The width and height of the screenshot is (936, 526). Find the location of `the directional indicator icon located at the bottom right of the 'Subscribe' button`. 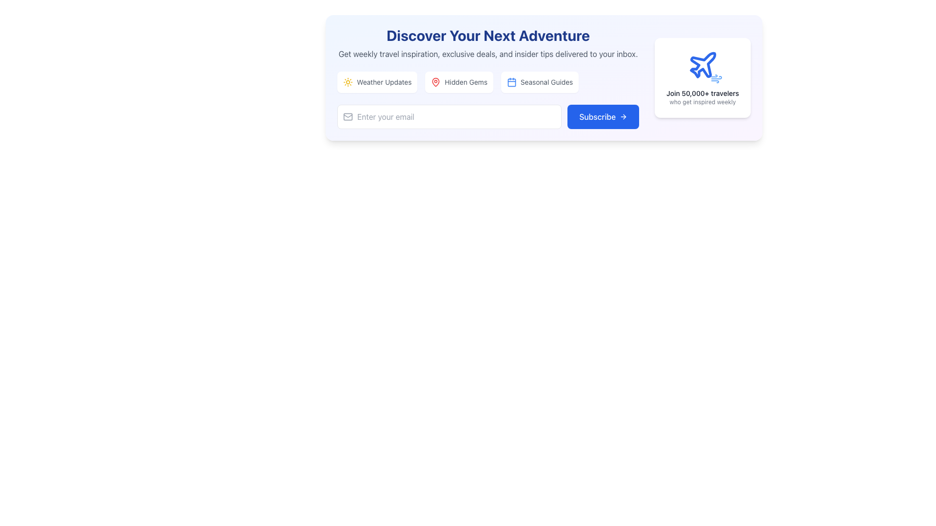

the directional indicator icon located at the bottom right of the 'Subscribe' button is located at coordinates (624, 116).